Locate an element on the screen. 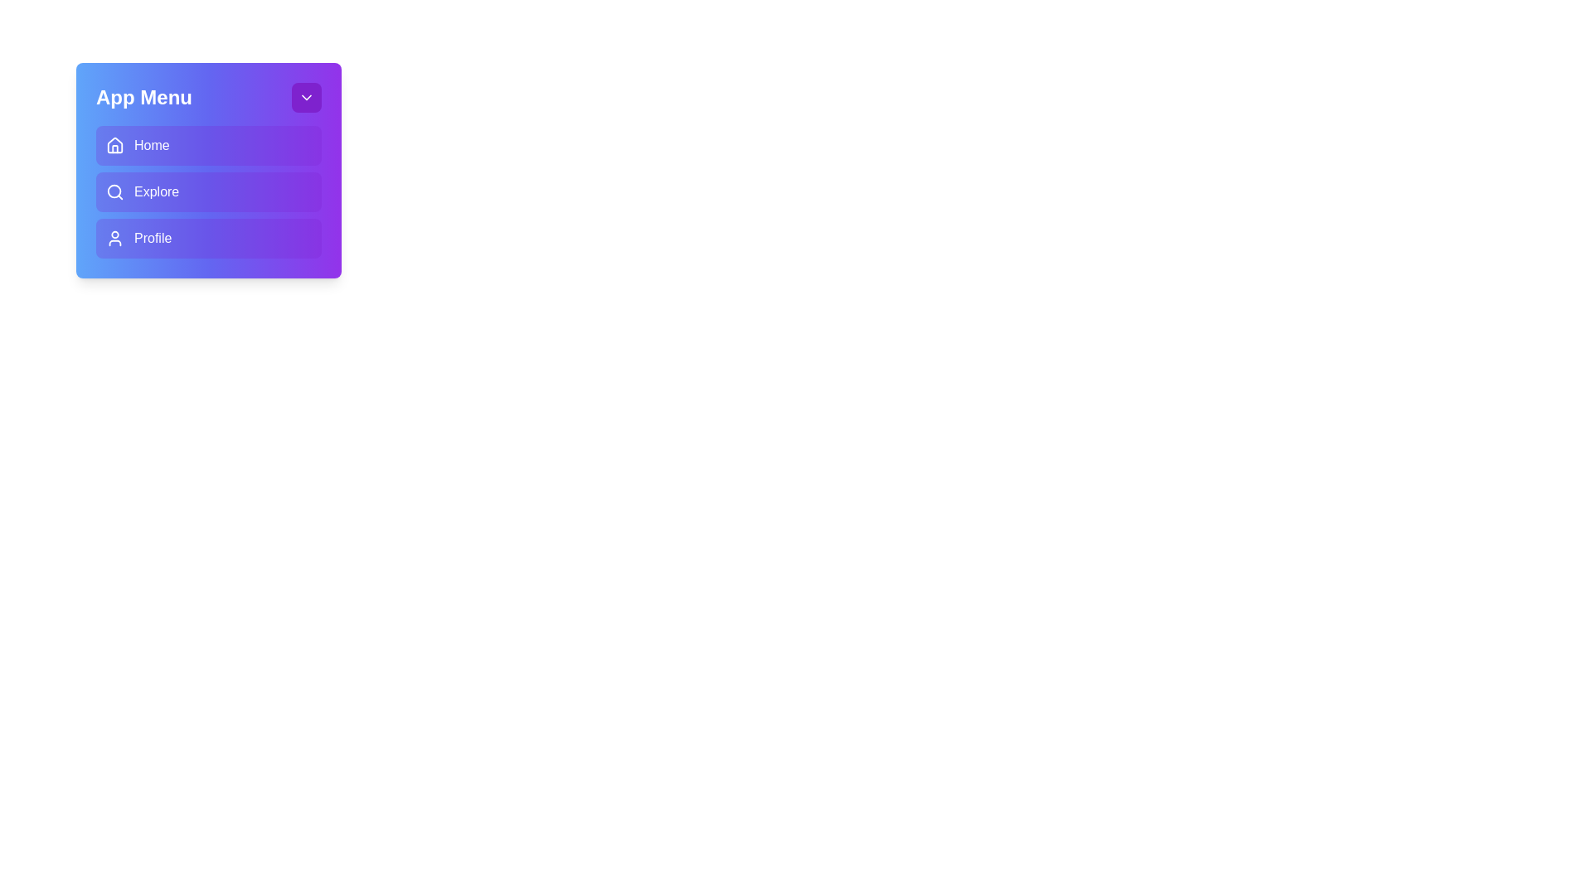 This screenshot has width=1592, height=895. the Home icon in the top row of the vertical navigation menu, which serves as a visual indicator for the main page is located at coordinates (114, 143).